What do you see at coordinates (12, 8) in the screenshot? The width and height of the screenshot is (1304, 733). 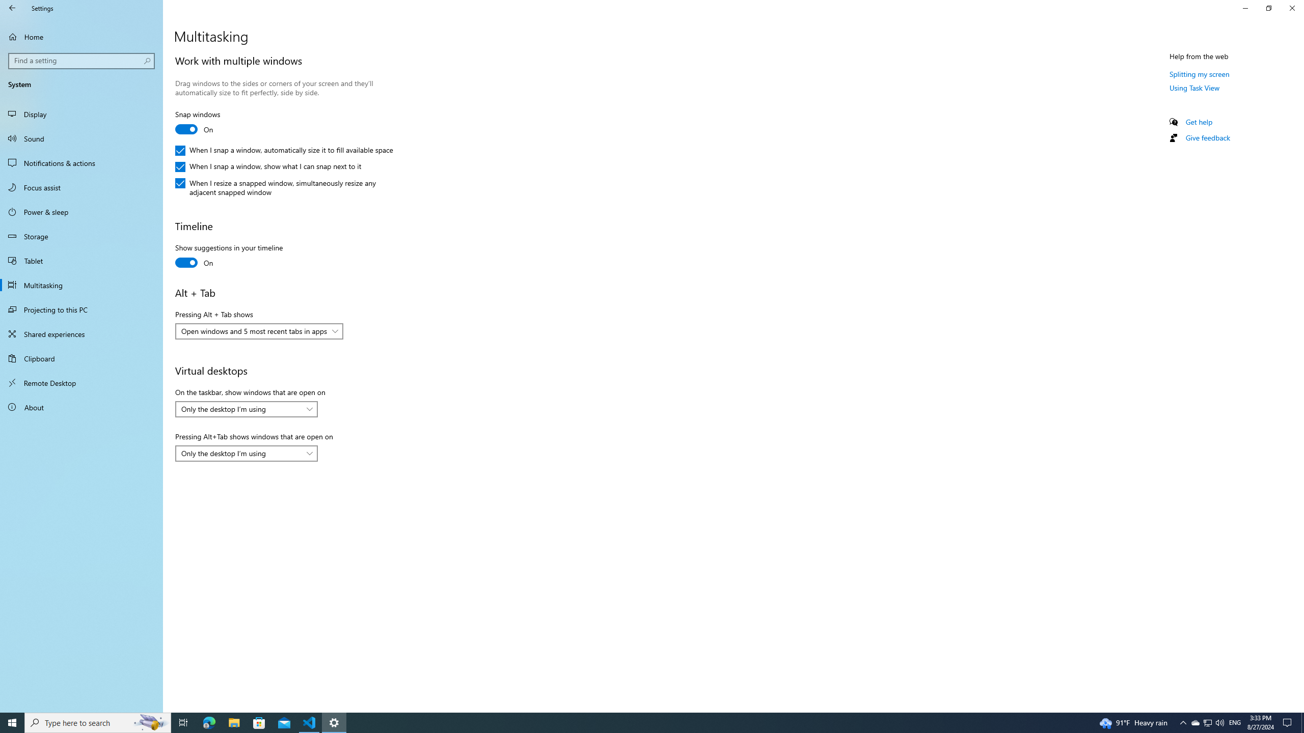 I see `'Back'` at bounding box center [12, 8].